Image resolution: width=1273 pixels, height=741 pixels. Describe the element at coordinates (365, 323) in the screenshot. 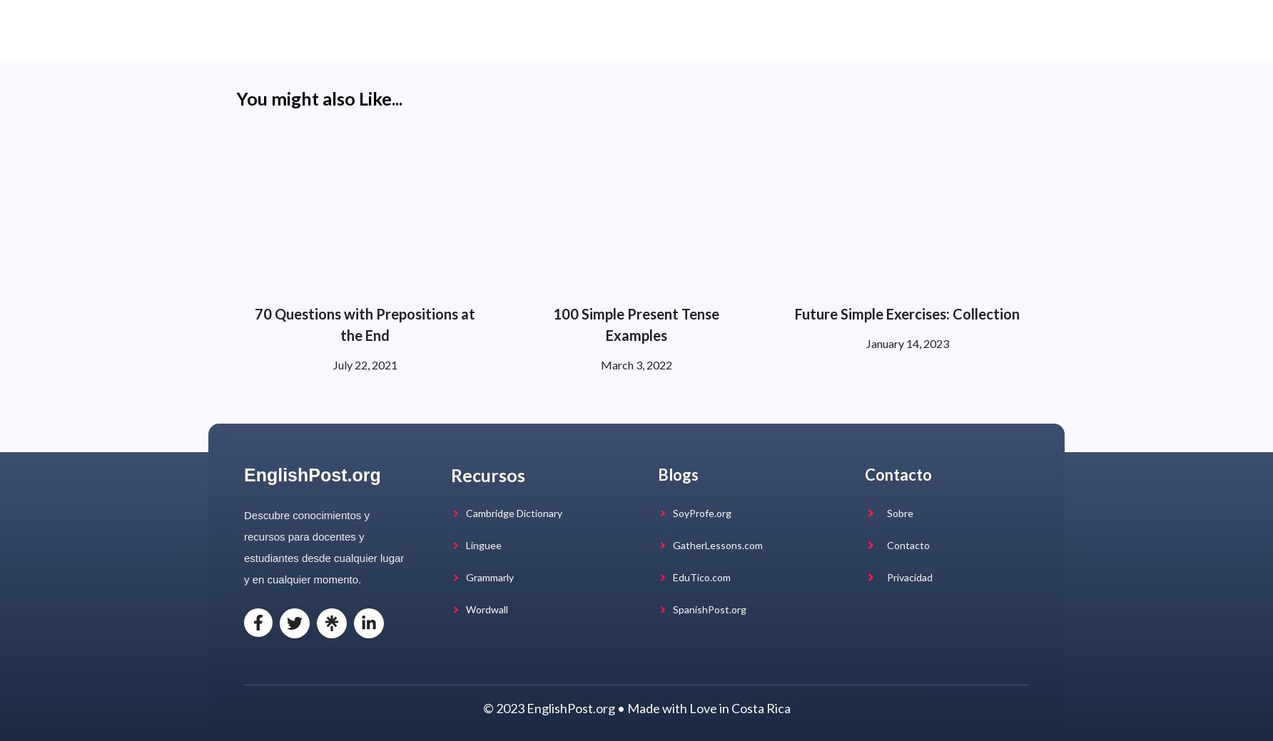

I see `'70 Questions with Prepositions at the End'` at that location.